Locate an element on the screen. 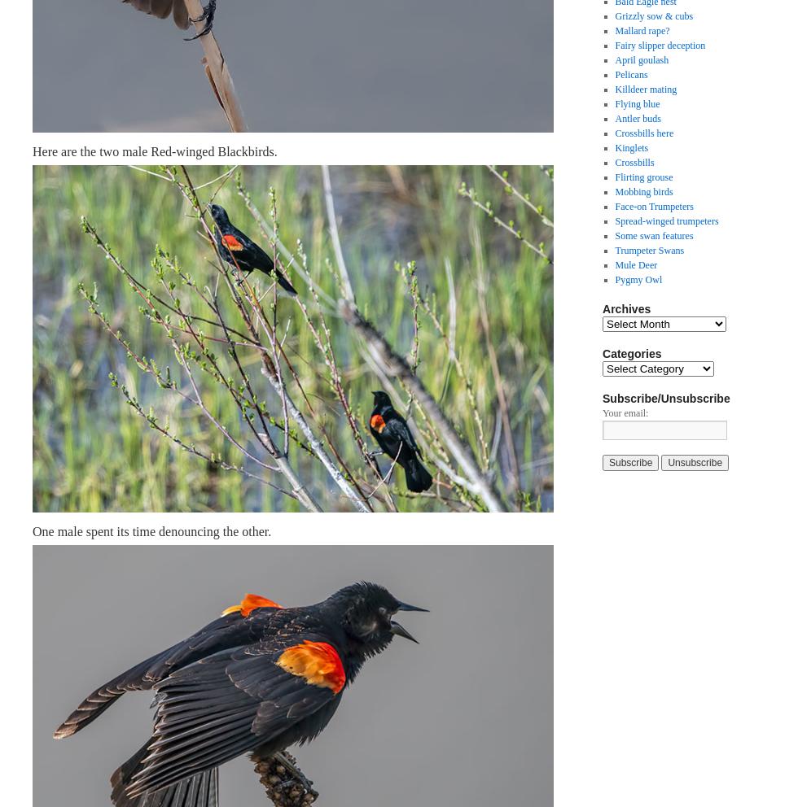  'Flirting grouse' is located at coordinates (643, 177).